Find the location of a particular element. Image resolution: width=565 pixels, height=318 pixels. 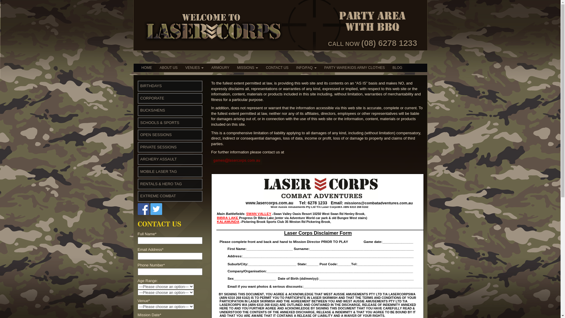

'BUCKS/HENS' is located at coordinates (139, 110).